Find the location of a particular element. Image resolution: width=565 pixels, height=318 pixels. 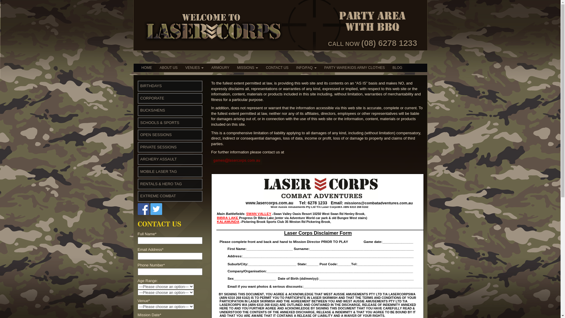

'BUCKS/HENS' is located at coordinates (139, 110).